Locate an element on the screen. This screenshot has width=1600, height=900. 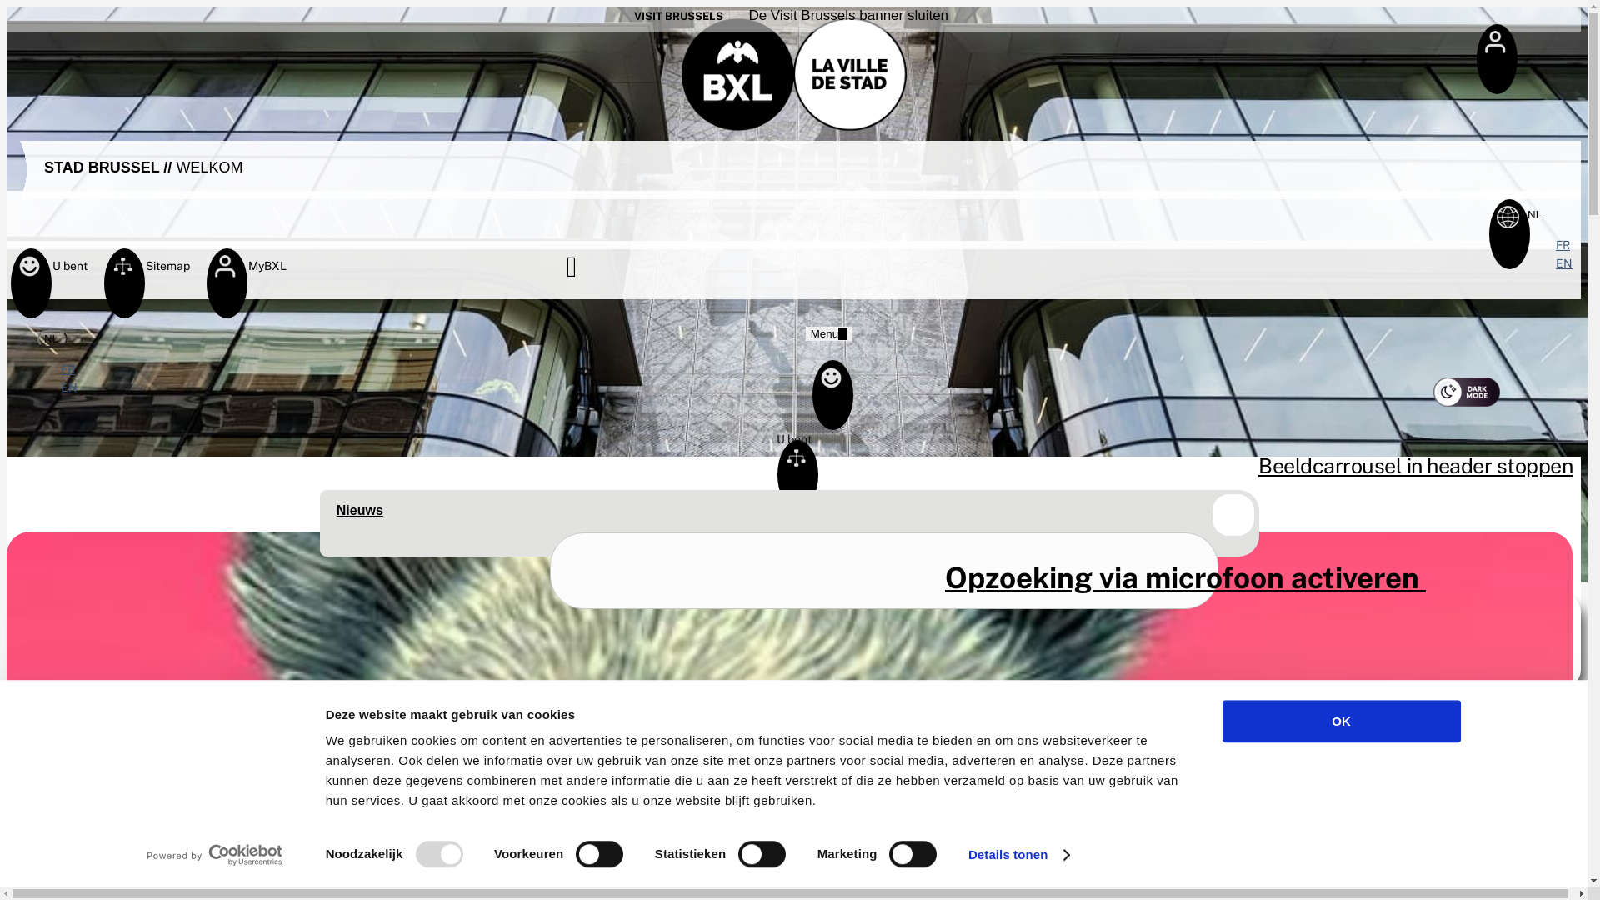
'Zoeken' is located at coordinates (592, 269).